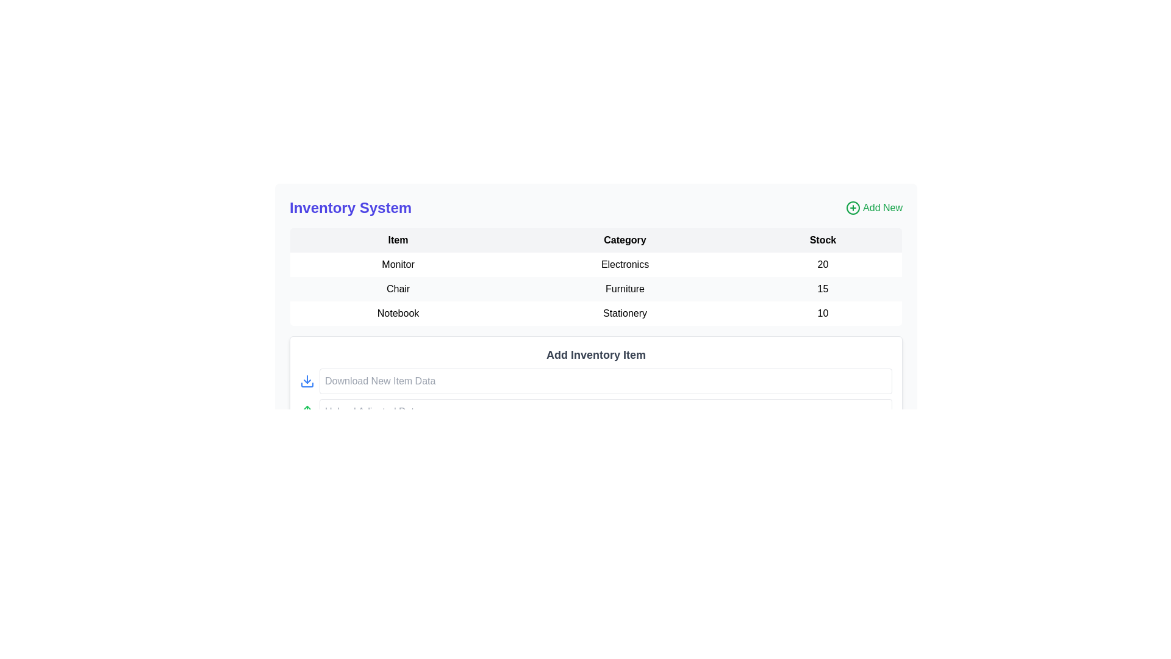 The height and width of the screenshot is (659, 1171). Describe the element at coordinates (596, 240) in the screenshot. I see `Table Header Row that contains the entries 'Item', 'Category', and 'Stock', which is styled with a light gray background and bolded text, by moving the cursor to its center point` at that location.